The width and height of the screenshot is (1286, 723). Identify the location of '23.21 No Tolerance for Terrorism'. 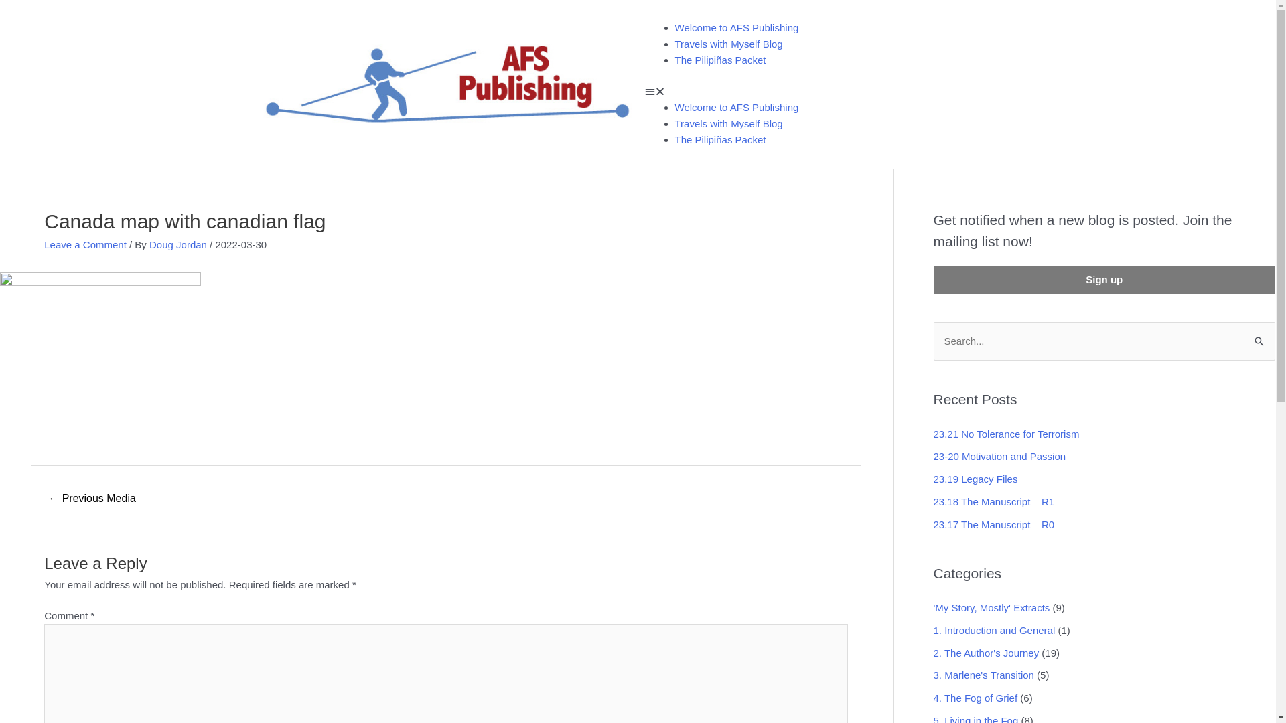
(932, 434).